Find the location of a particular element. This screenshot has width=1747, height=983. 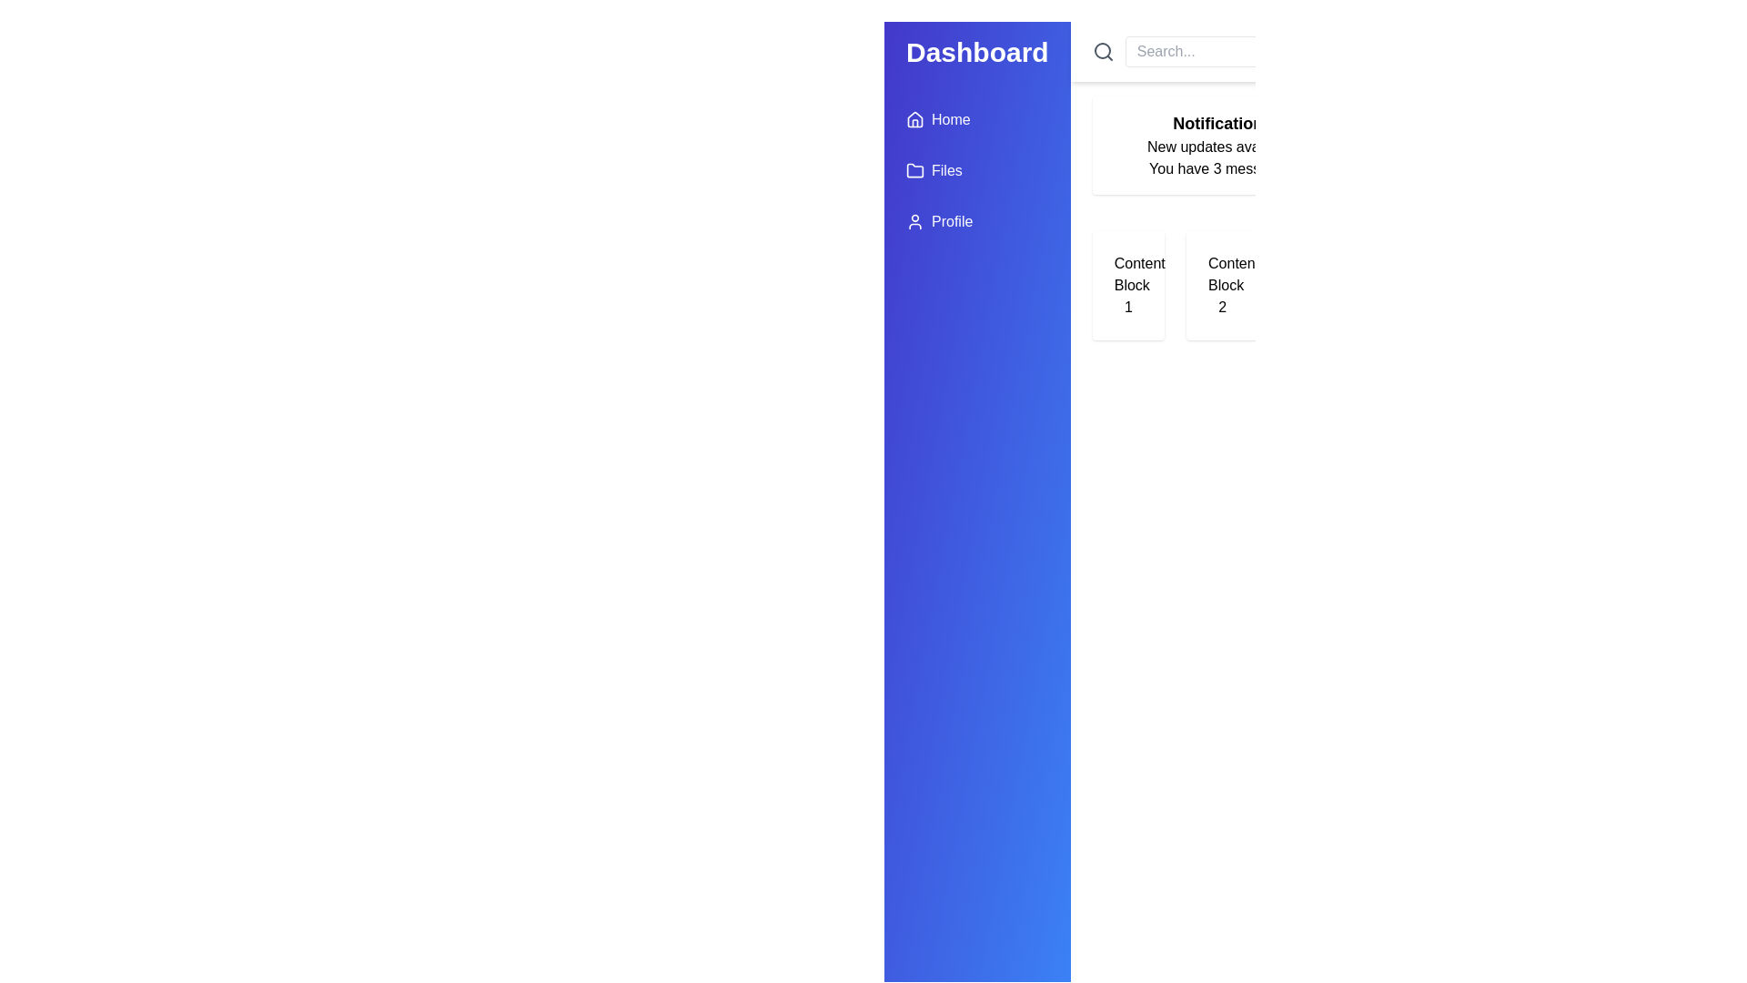

the folder icon located in the left sidebar, which is visually represented in white against a blue background is located at coordinates (915, 171).